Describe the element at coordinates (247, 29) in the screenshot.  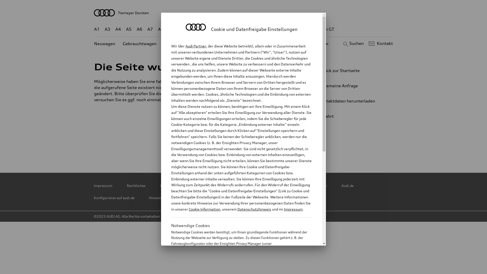
I see `'Q8 e-tron'` at that location.